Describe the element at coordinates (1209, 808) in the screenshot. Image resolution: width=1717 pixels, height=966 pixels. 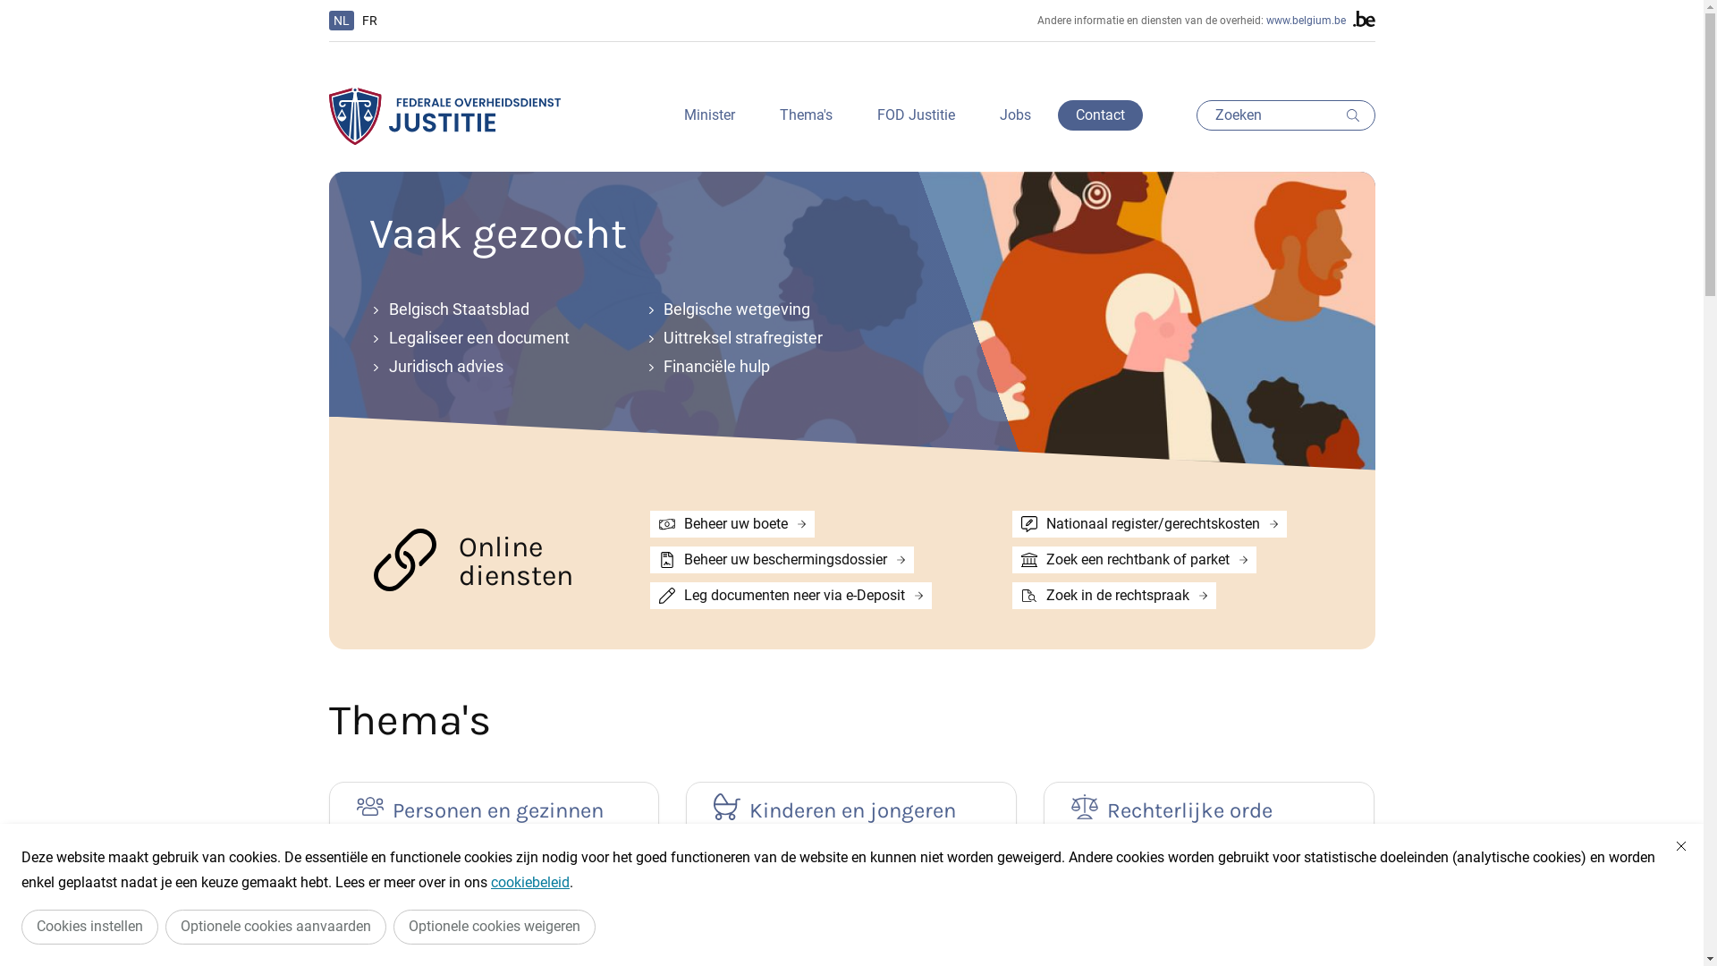
I see `'Rechterlijke orde'` at that location.